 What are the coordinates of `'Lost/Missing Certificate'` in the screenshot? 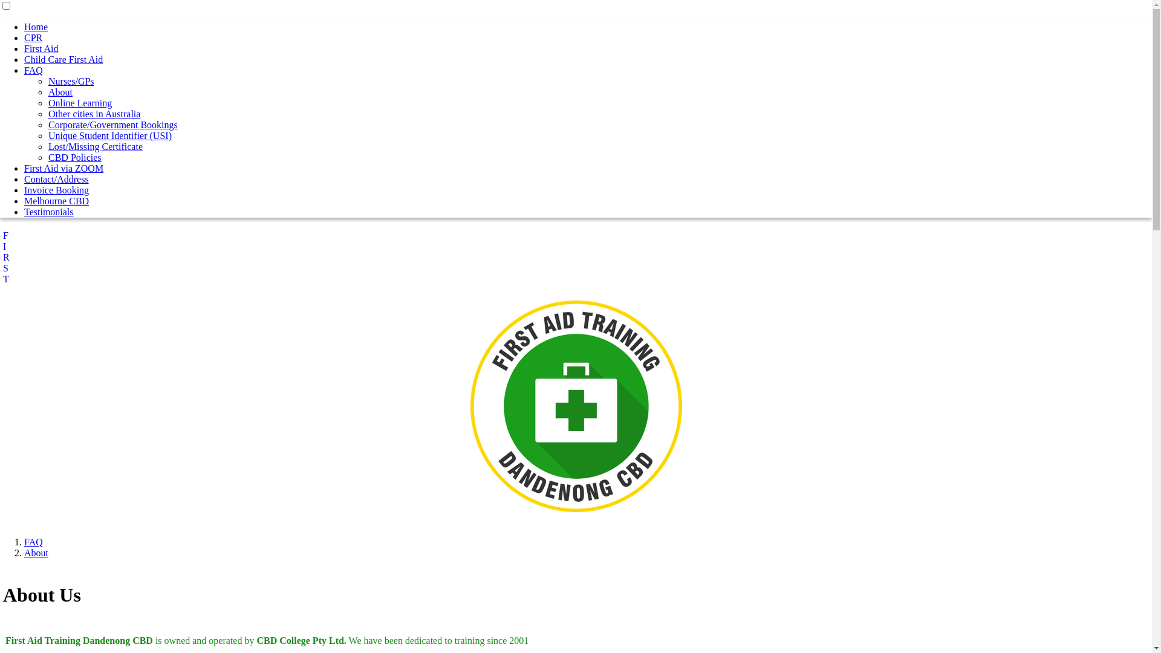 It's located at (95, 146).